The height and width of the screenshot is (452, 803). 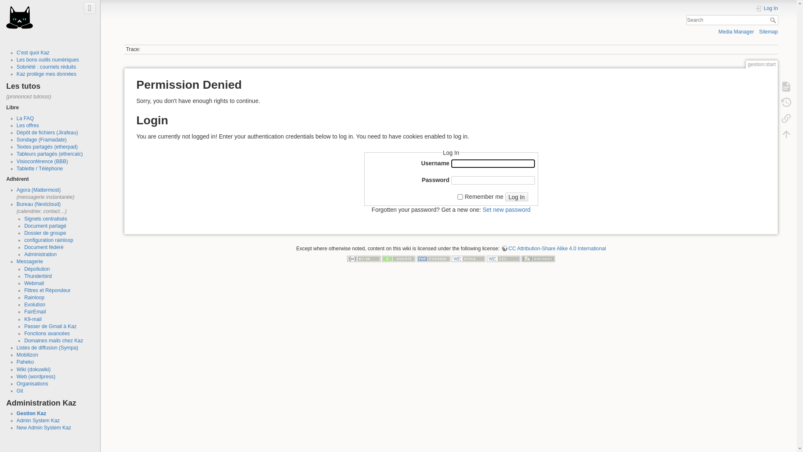 I want to click on 'K9-mail', so click(x=33, y=319).